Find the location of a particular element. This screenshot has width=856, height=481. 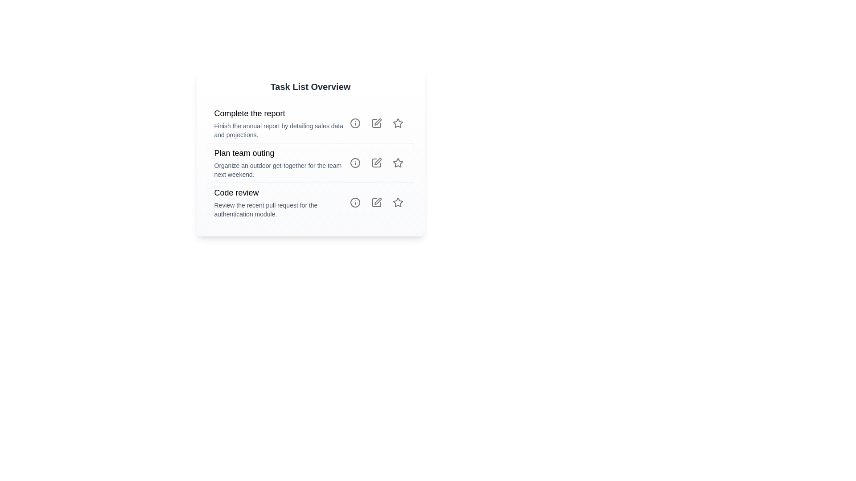

the edit icon button, which is a square-shaped green icon with a pen tool, located in the middle of the action buttons for the 'Code review' task is located at coordinates (376, 203).